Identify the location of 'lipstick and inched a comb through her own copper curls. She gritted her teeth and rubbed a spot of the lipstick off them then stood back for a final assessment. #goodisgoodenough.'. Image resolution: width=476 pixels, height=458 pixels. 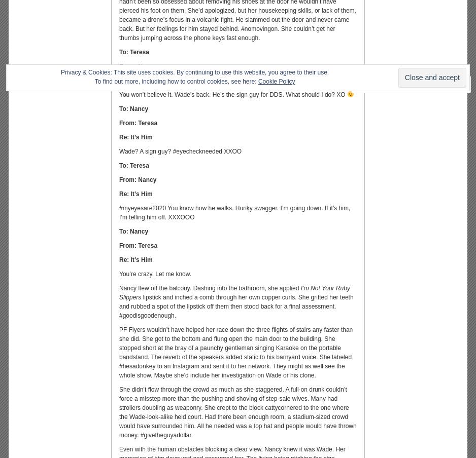
(235, 306).